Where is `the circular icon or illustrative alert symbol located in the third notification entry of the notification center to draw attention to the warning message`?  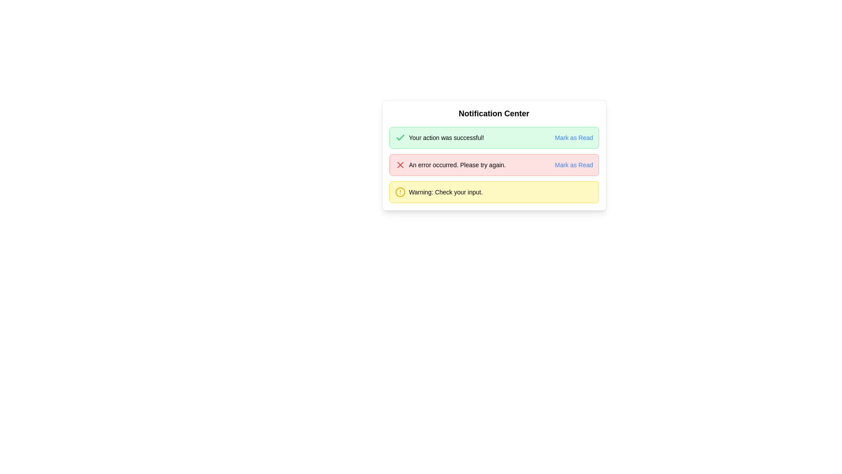
the circular icon or illustrative alert symbol located in the third notification entry of the notification center to draw attention to the warning message is located at coordinates (400, 192).